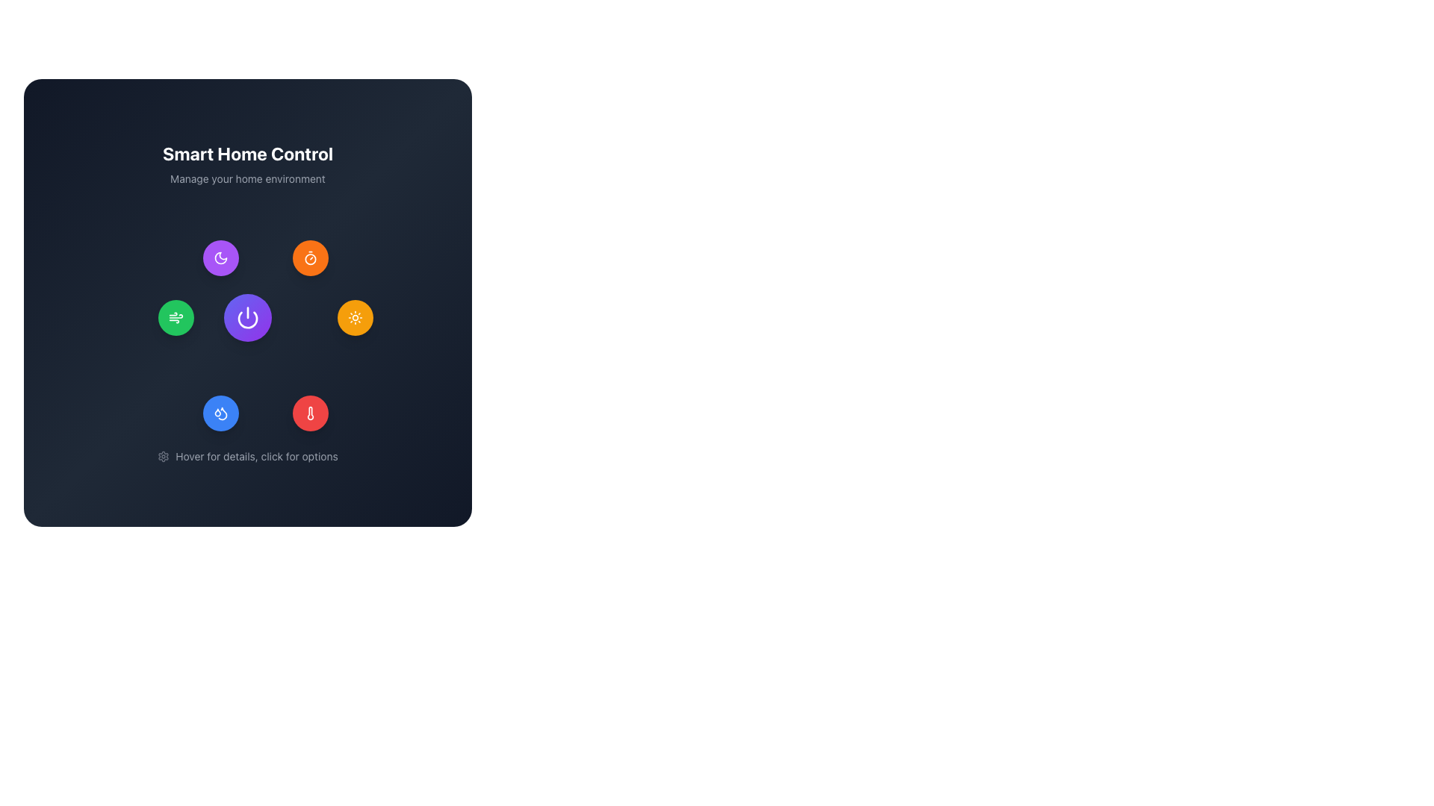 The width and height of the screenshot is (1434, 806). I want to click on the thermometer icon located within a circular red button at the bottom-right corner of the grid arrangement, so click(310, 413).